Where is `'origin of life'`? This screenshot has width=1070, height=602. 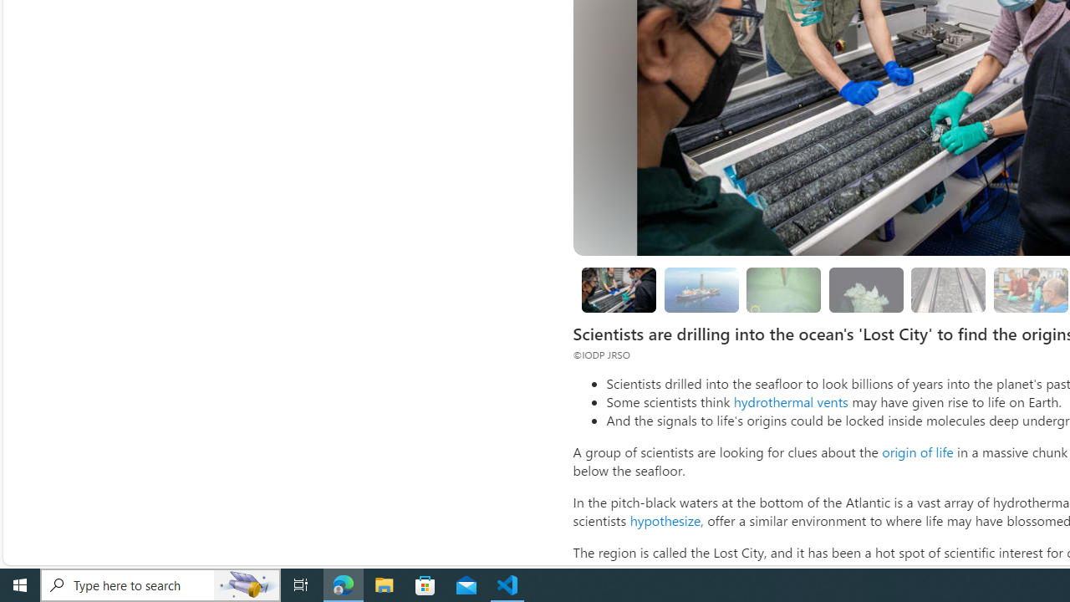 'origin of life' is located at coordinates (916, 451).